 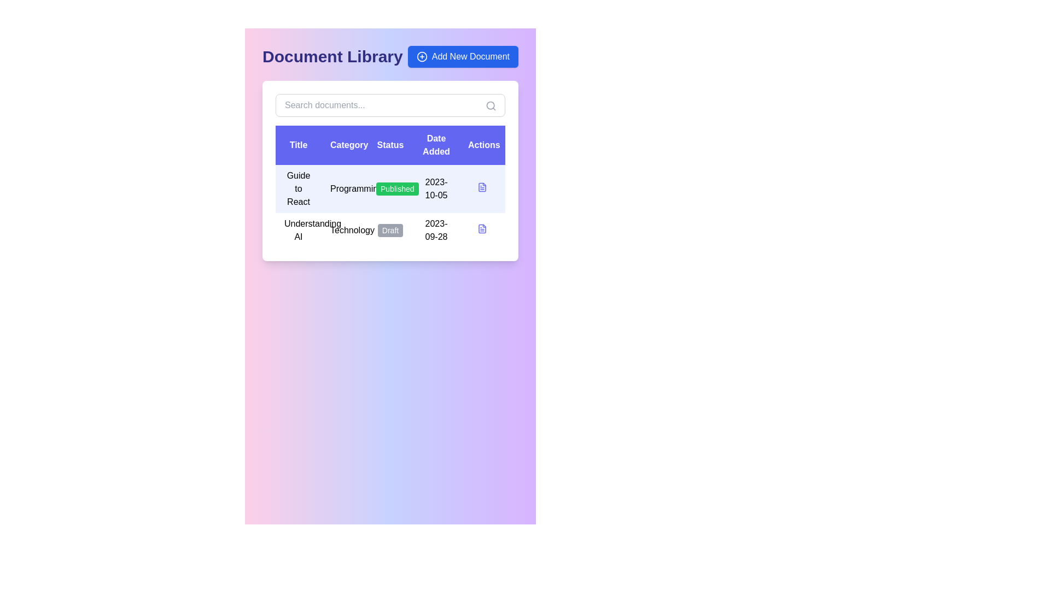 I want to click on the 'Draft' label badge, which is a rectangular badge with slightly rounded corners displaying white text on a gray background, located in the third column of the second row in the 'Document Library' table, so click(x=390, y=229).